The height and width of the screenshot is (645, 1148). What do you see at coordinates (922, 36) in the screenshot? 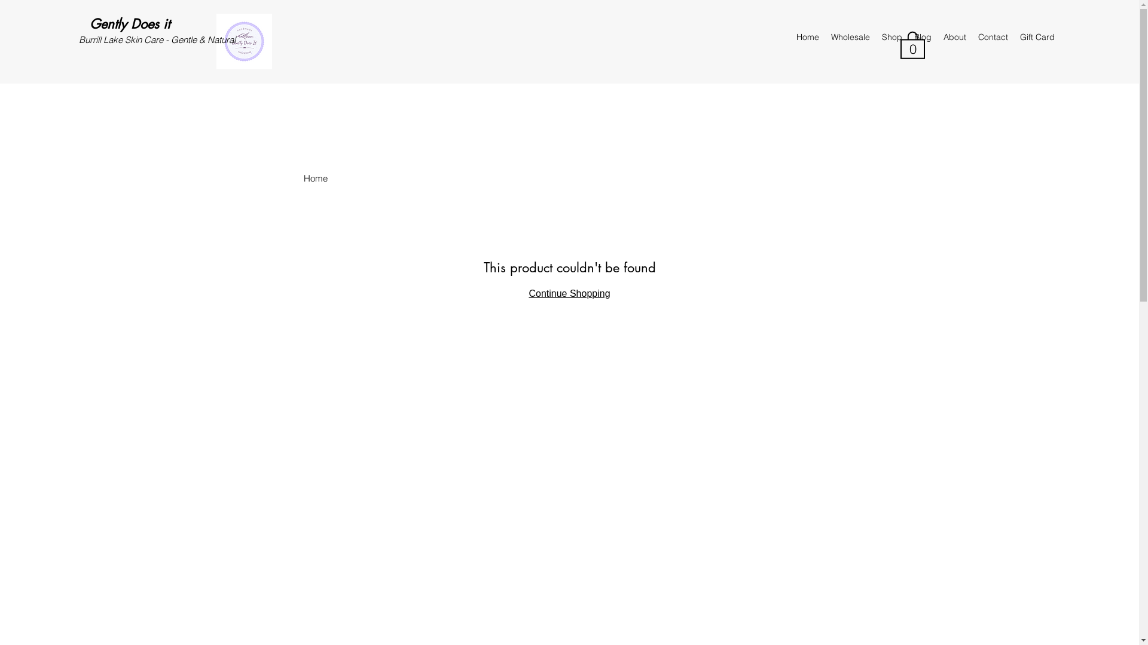
I see `'Blog'` at bounding box center [922, 36].